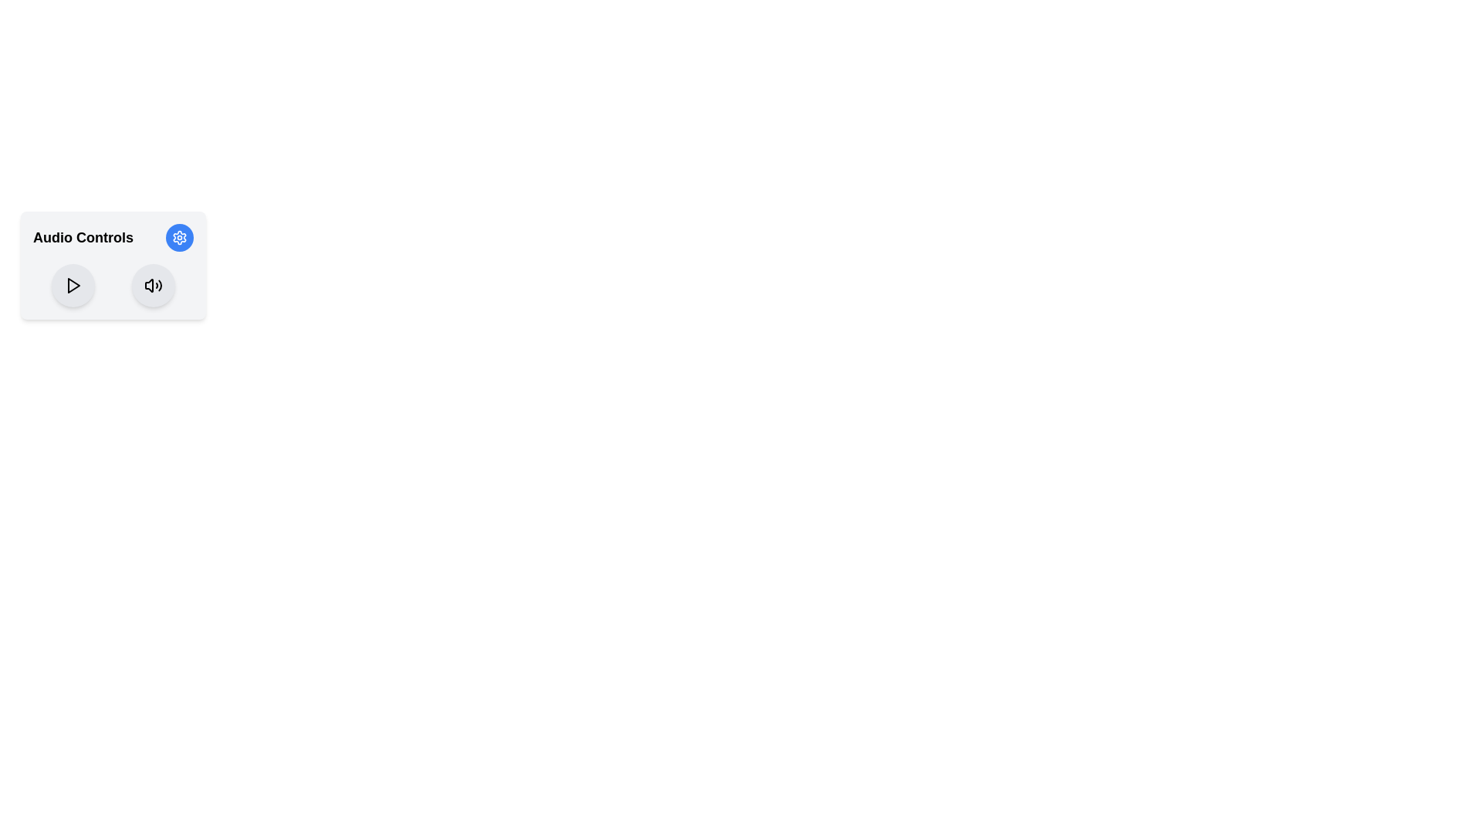 Image resolution: width=1482 pixels, height=834 pixels. Describe the element at coordinates (180, 238) in the screenshot. I see `the settings button located in the upper-right corner of the 'Audio Controls' section` at that location.